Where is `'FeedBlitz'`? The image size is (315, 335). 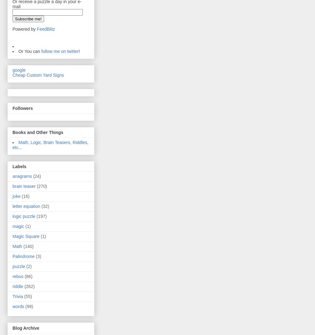 'FeedBlitz' is located at coordinates (46, 29).